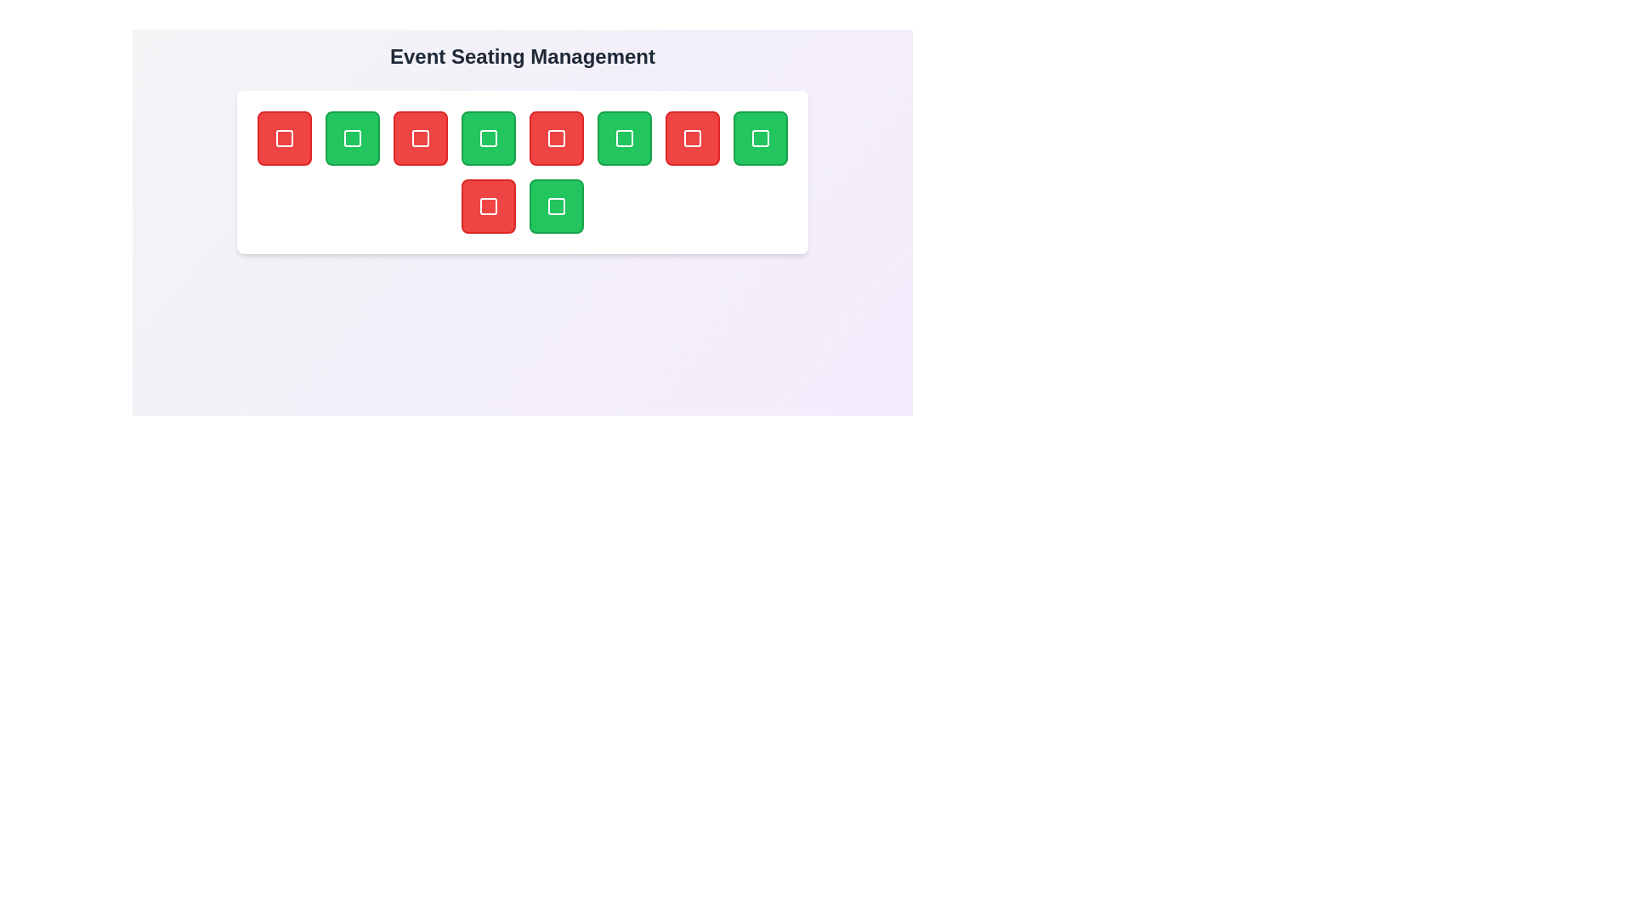  What do you see at coordinates (759, 137) in the screenshot?
I see `the inner visual component of the green button located at the far-right corner of the grid layout` at bounding box center [759, 137].